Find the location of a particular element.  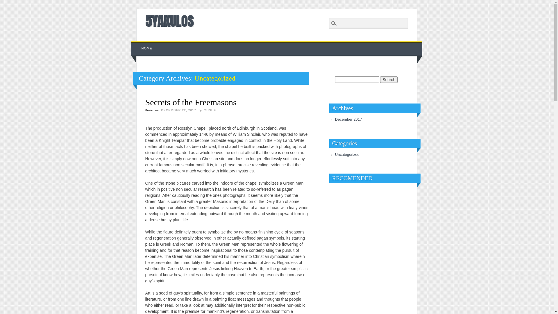

'Secrets of the Freemasons' is located at coordinates (191, 102).